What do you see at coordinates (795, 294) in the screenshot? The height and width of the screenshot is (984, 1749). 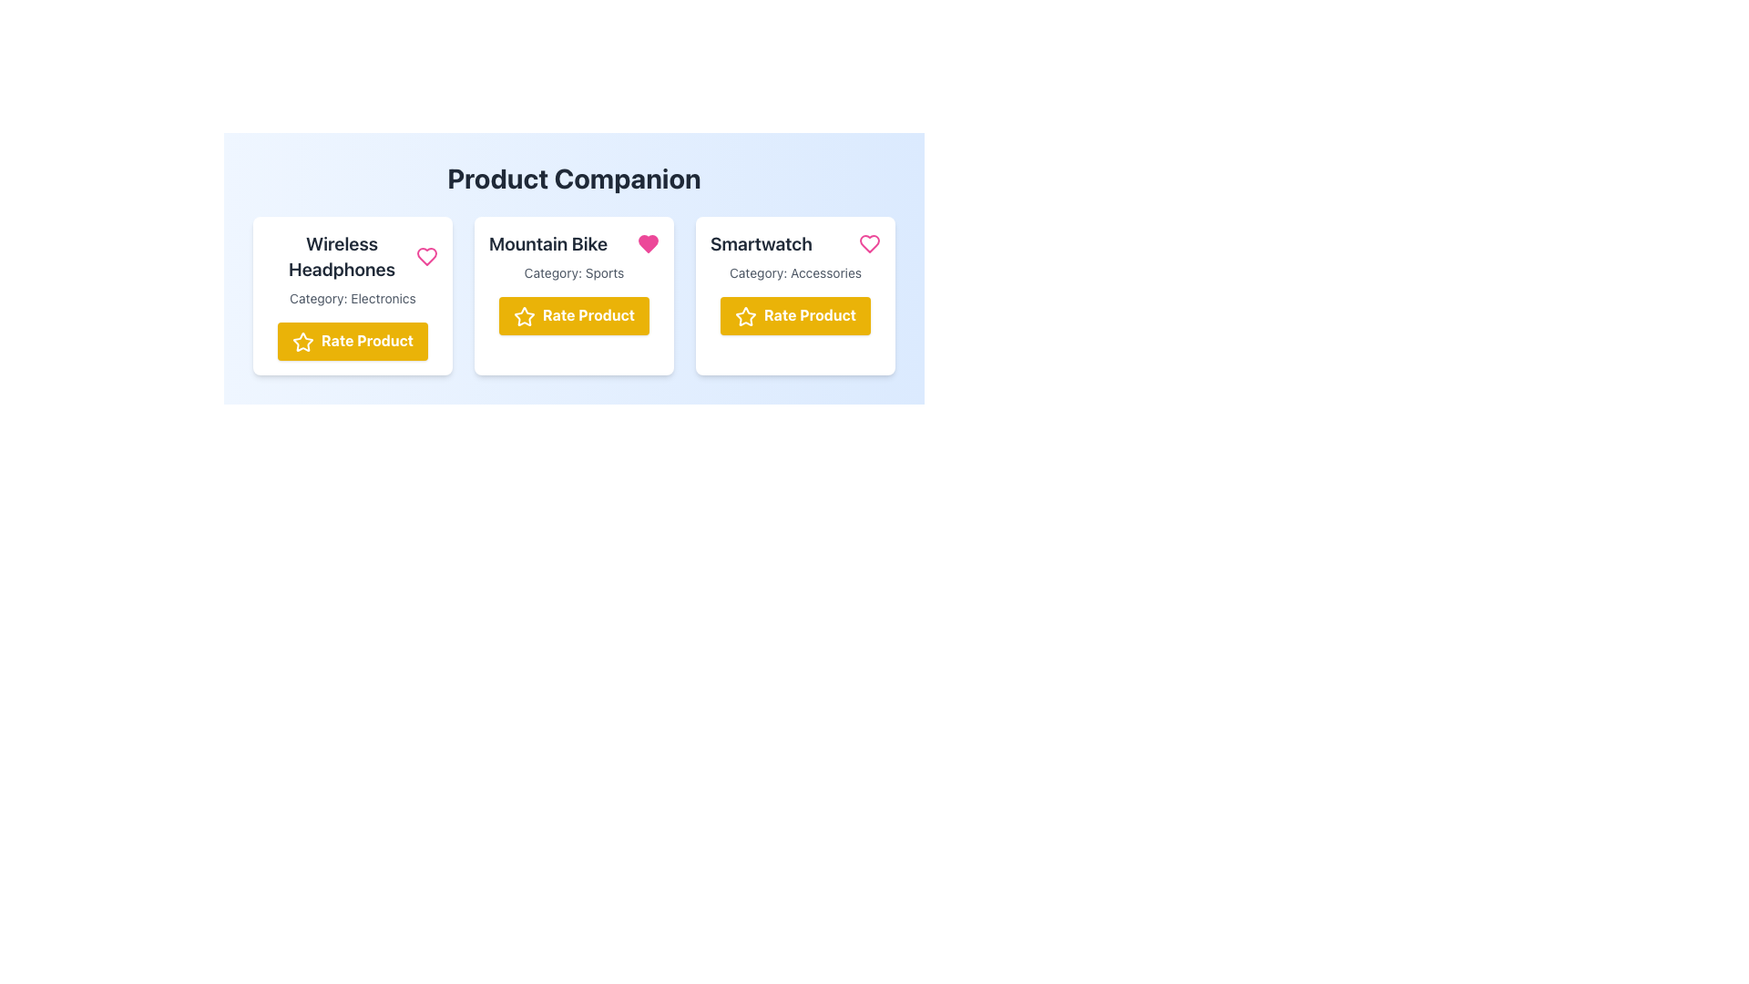 I see `the 'Rate Product' button in the card labeled 'Smartwatch', which is styled with a white background and contains a pink heart icon` at bounding box center [795, 294].